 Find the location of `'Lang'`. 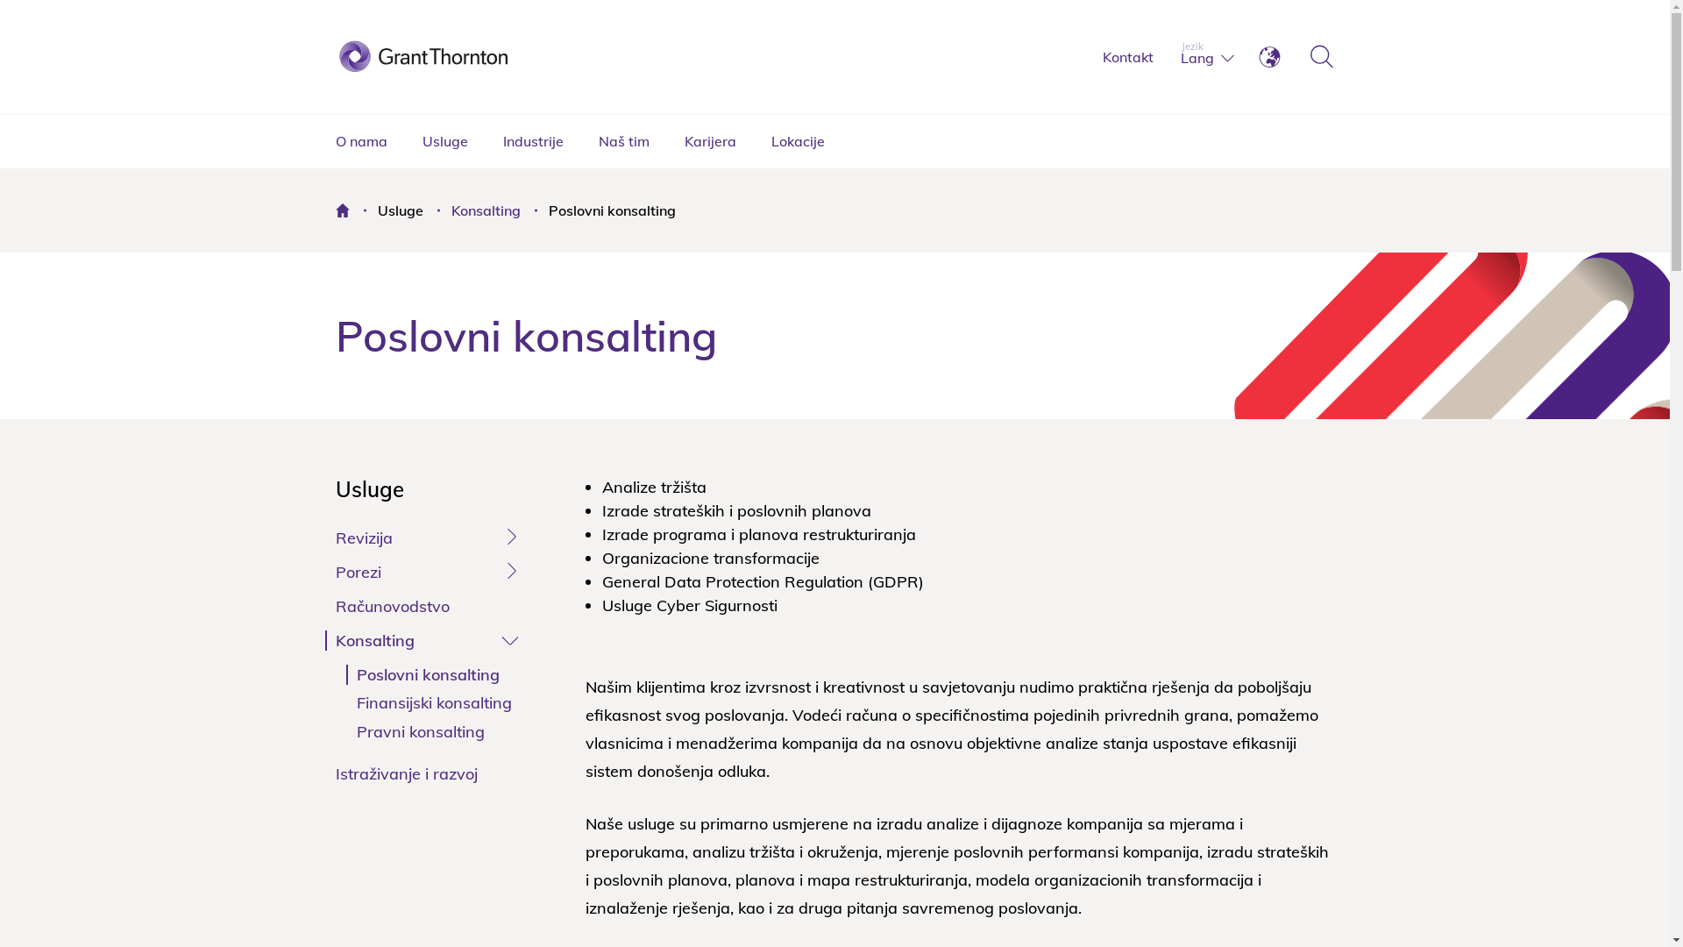

'Lang' is located at coordinates (1179, 56).